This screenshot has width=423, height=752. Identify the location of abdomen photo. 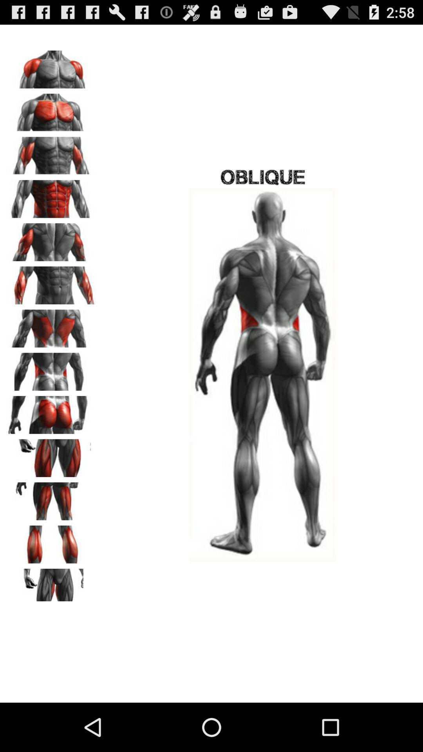
(51, 196).